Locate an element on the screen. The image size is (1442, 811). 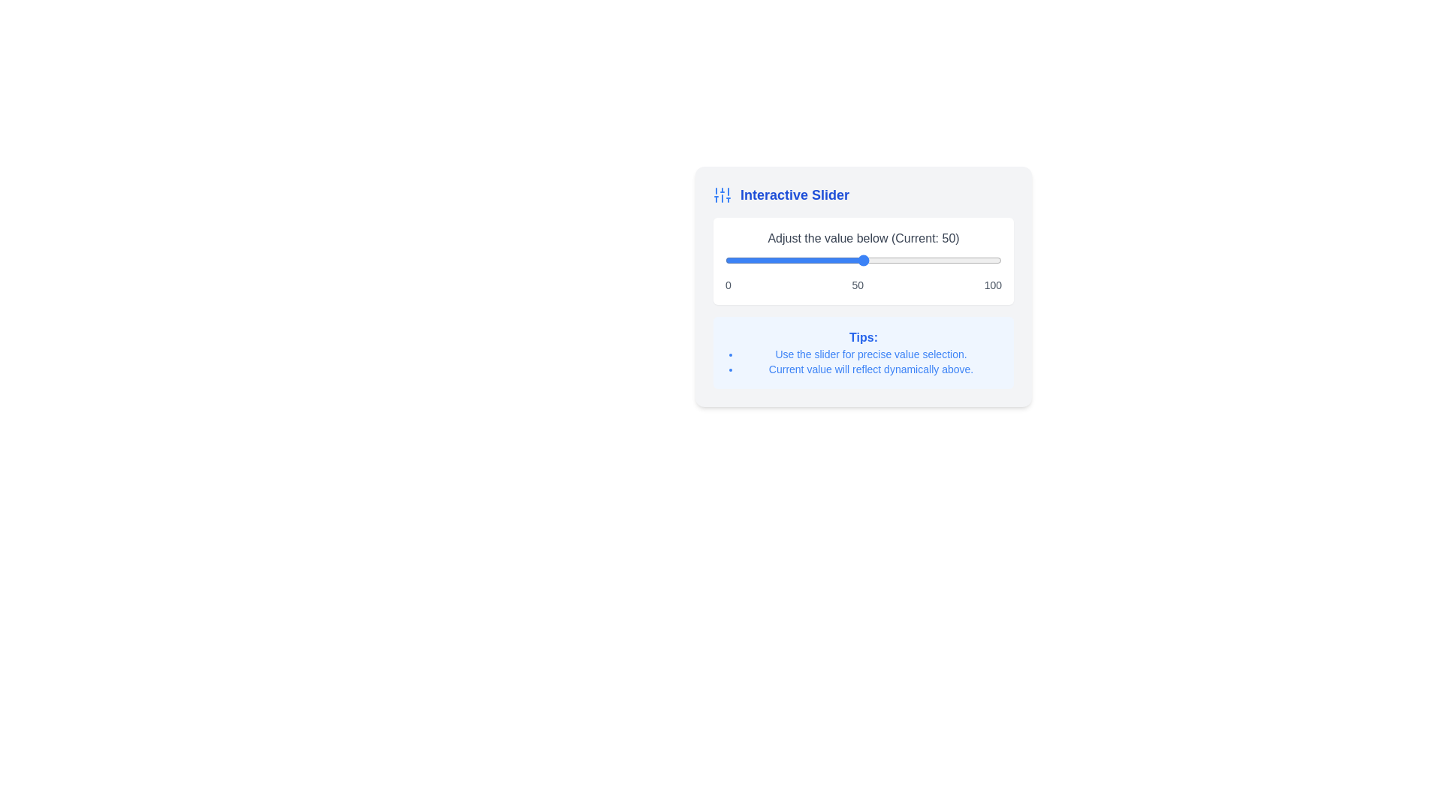
the slider value is located at coordinates (877, 260).